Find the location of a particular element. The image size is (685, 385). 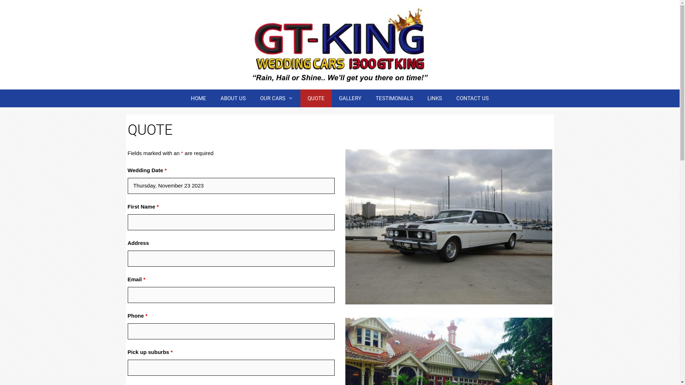

'GT KING Wedding Cars and Limo Hire' is located at coordinates (339, 44).